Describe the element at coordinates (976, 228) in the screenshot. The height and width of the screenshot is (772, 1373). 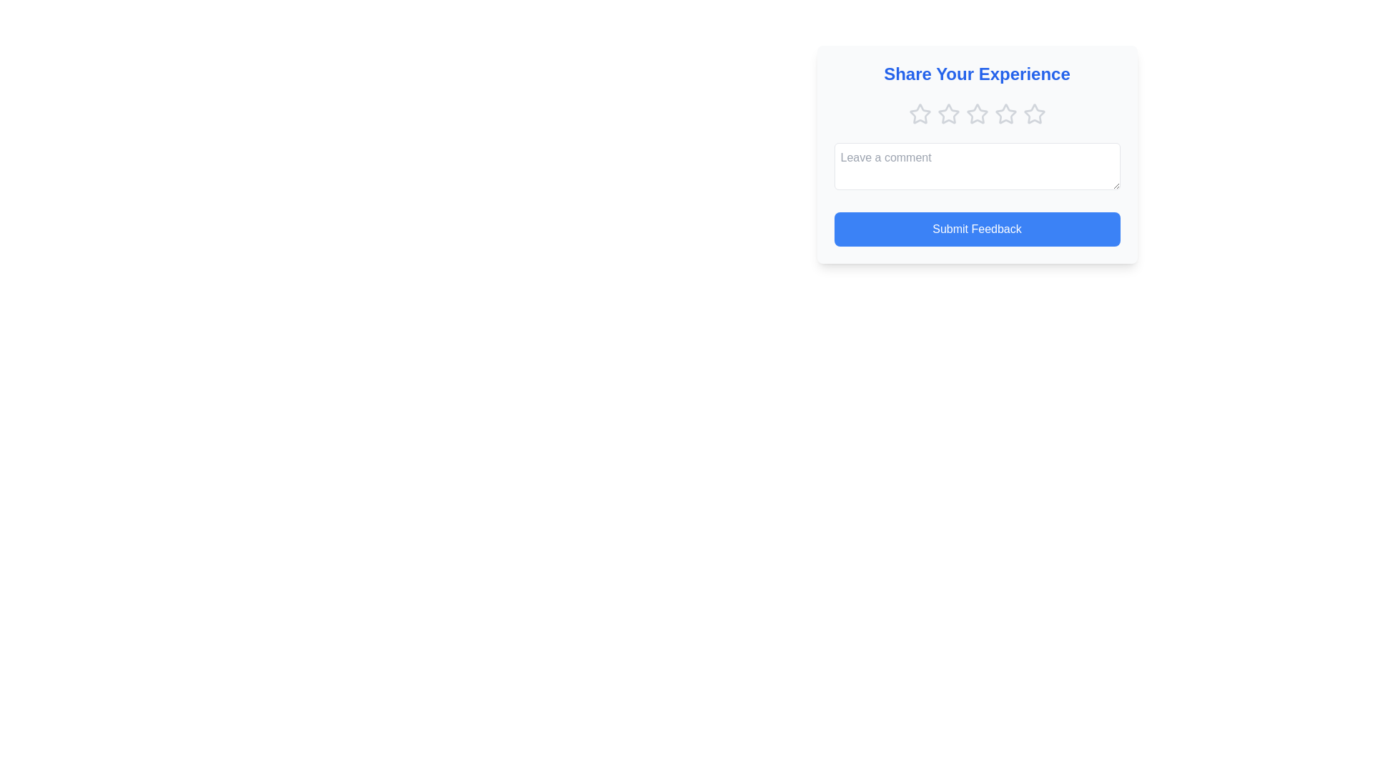
I see `the feedback submission button located at the bottom of the 'Share Your Experience' section to observe visual changes` at that location.